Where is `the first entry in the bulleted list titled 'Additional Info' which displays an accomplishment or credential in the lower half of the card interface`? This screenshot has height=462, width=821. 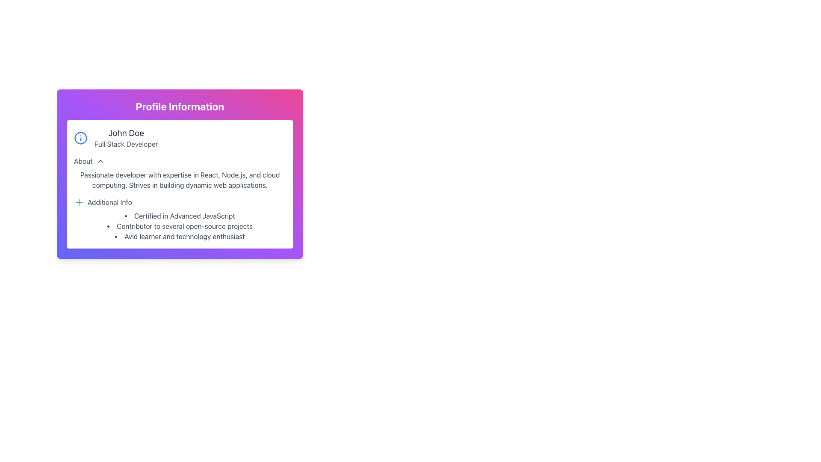
the first entry in the bulleted list titled 'Additional Info' which displays an accomplishment or credential in the lower half of the card interface is located at coordinates (180, 216).